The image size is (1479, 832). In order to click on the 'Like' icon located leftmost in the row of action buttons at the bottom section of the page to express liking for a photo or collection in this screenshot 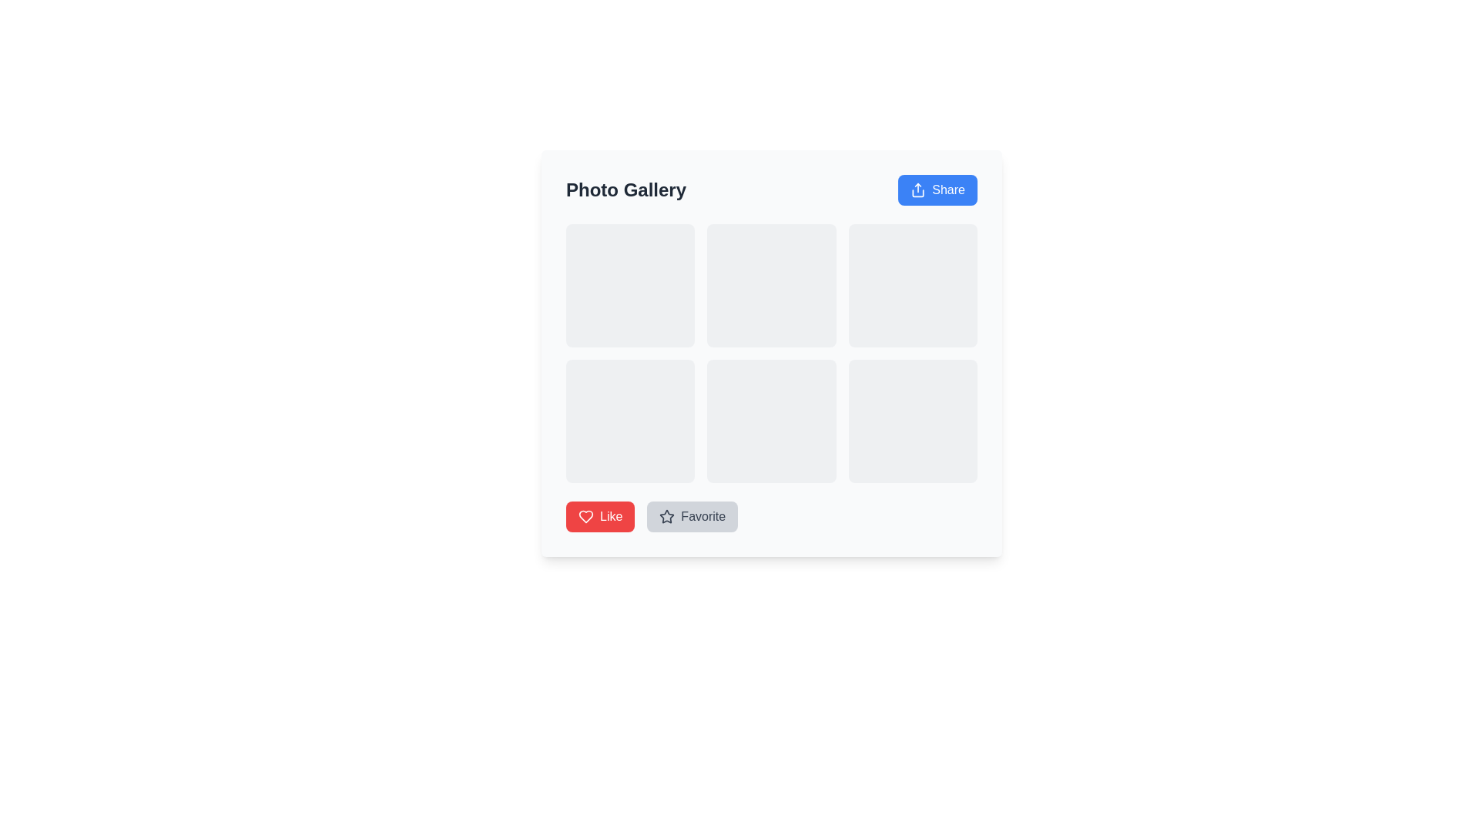, I will do `click(585, 517)`.